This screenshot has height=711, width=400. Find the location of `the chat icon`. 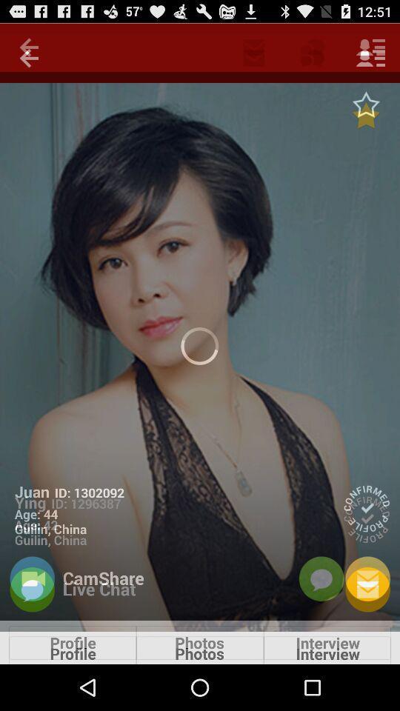

the chat icon is located at coordinates (321, 619).